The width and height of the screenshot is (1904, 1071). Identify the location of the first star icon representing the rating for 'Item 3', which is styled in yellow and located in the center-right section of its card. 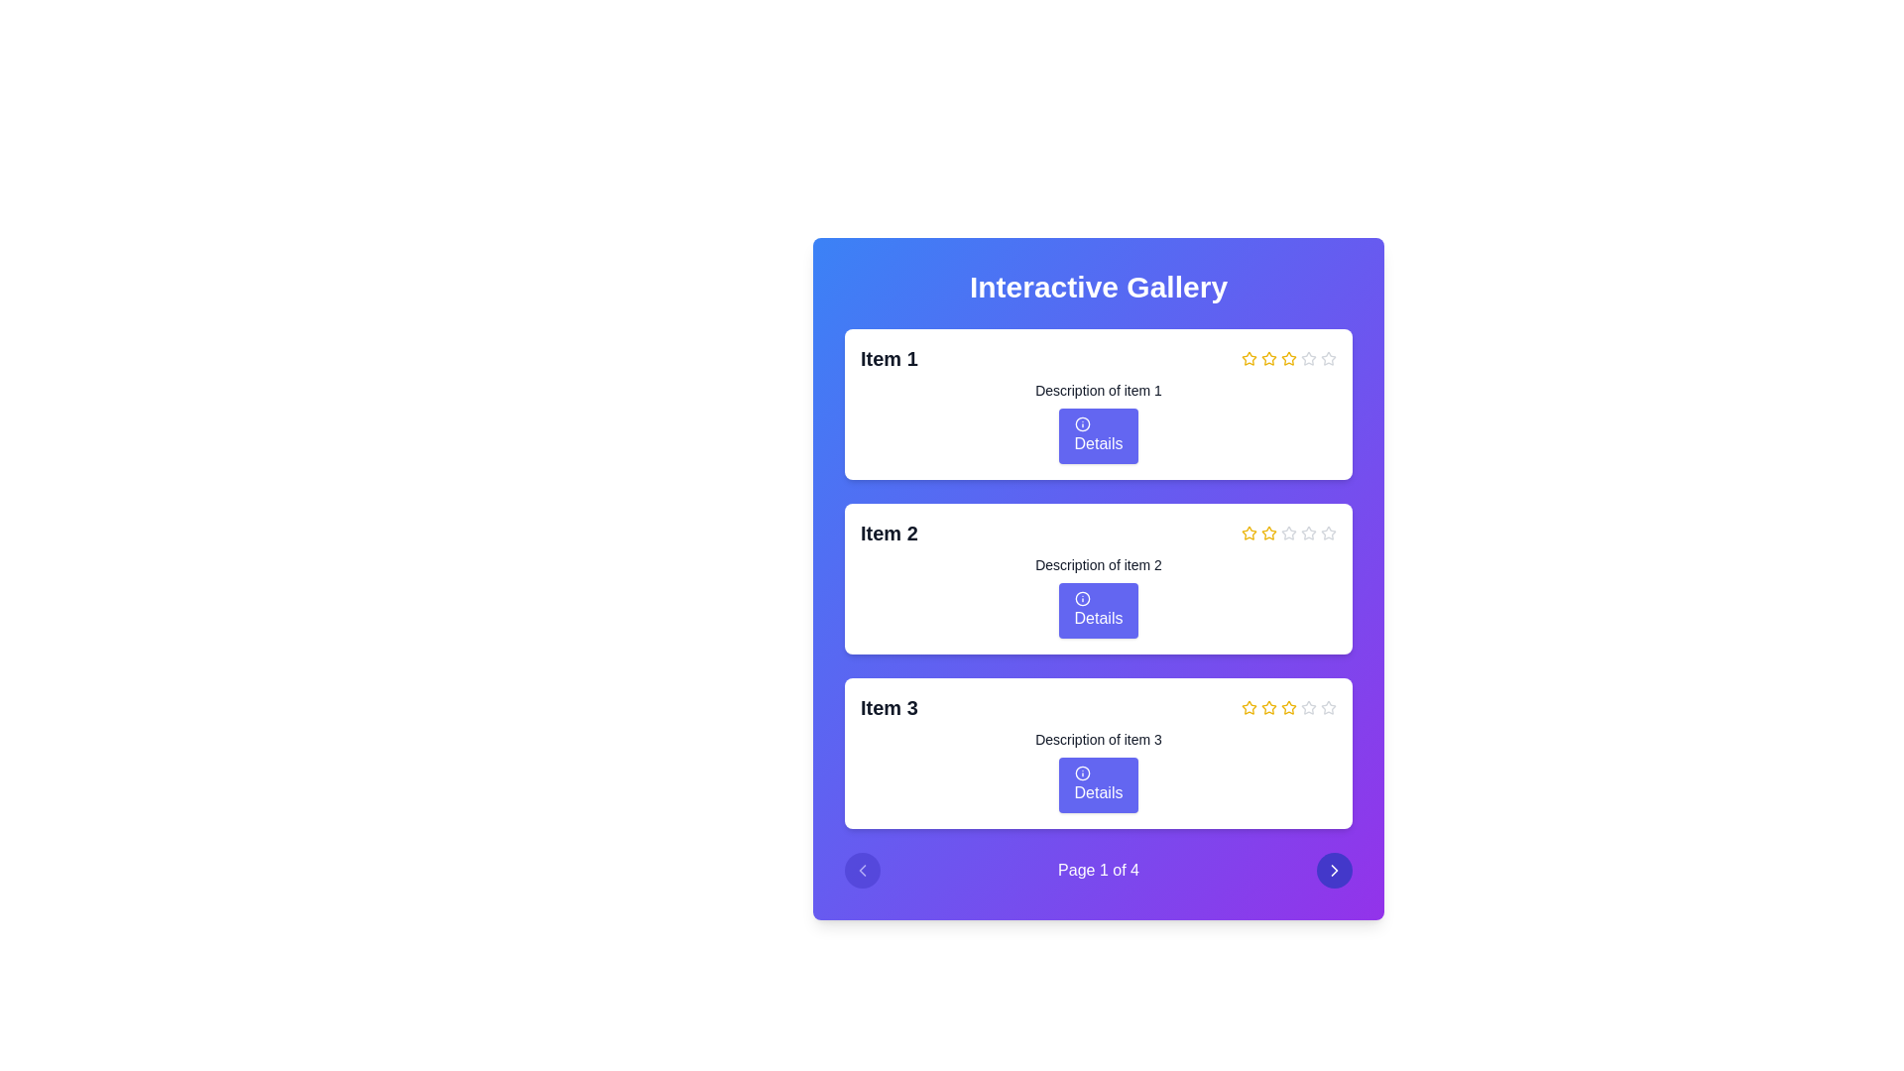
(1248, 706).